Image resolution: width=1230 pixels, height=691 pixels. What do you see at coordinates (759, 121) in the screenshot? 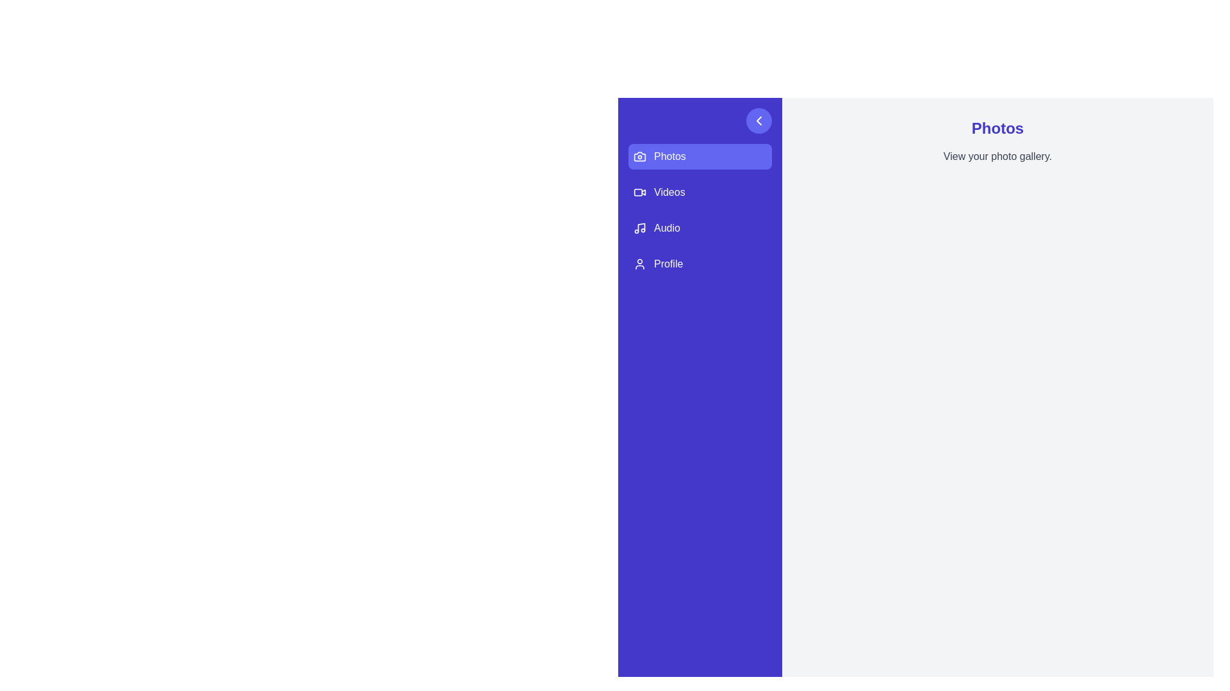
I see `the left-facing chevron icon within the circular button located in the top-right corner of the purple sidebar to observe any hover effects` at bounding box center [759, 121].